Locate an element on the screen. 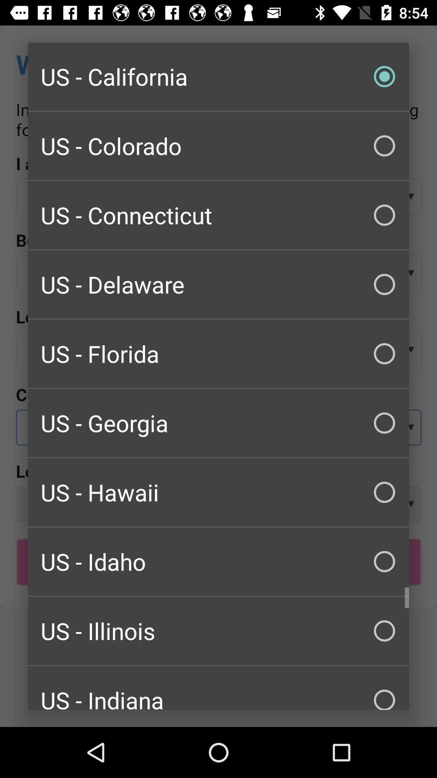 The image size is (437, 778). us - delaware is located at coordinates (218, 284).